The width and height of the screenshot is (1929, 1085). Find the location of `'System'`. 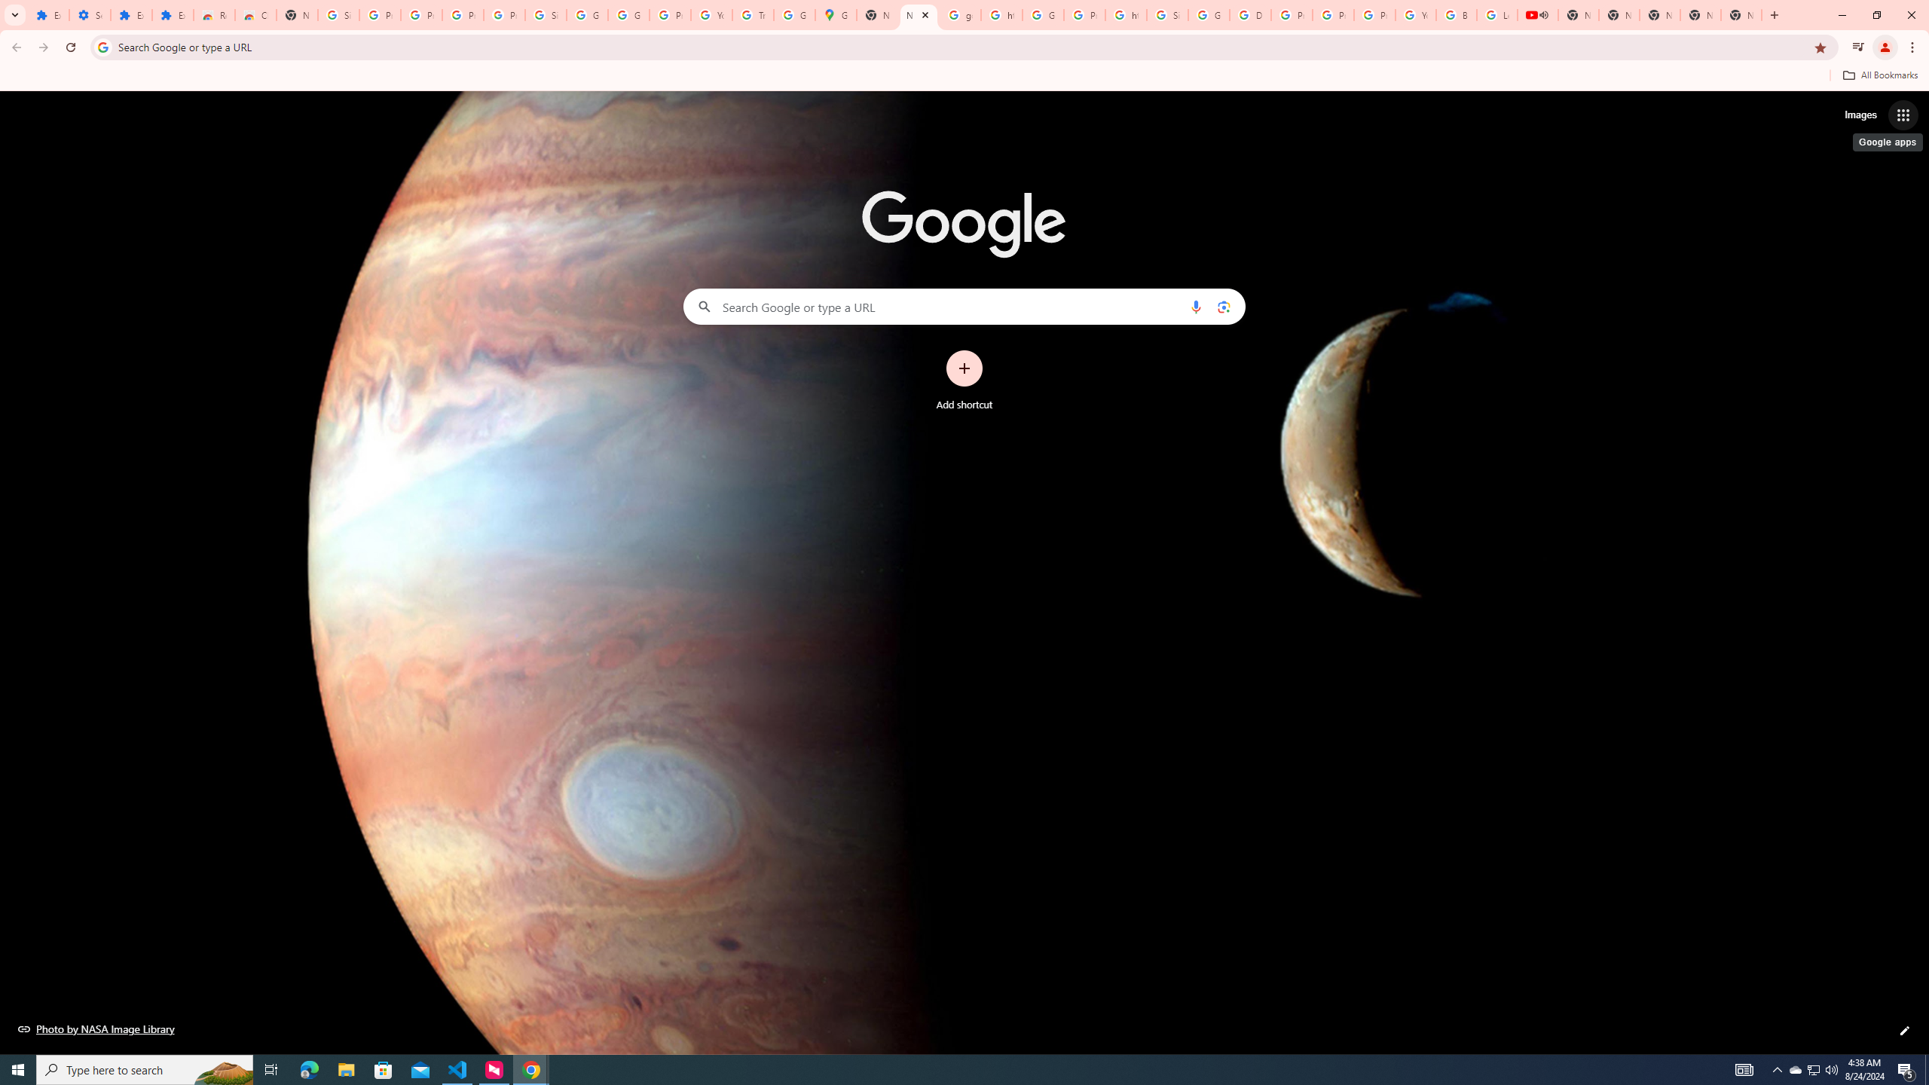

'System' is located at coordinates (8, 7).